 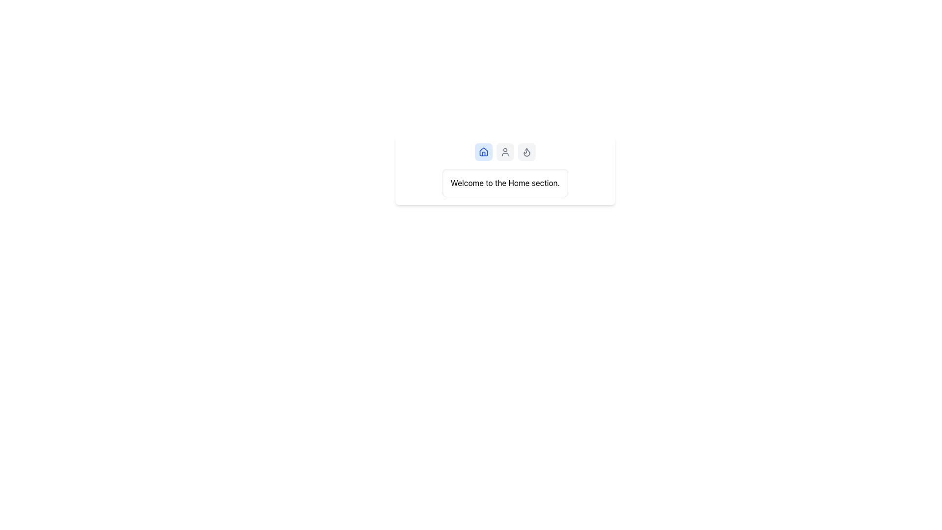 What do you see at coordinates (505, 152) in the screenshot?
I see `the second tab in the horizontal set of three icons` at bounding box center [505, 152].